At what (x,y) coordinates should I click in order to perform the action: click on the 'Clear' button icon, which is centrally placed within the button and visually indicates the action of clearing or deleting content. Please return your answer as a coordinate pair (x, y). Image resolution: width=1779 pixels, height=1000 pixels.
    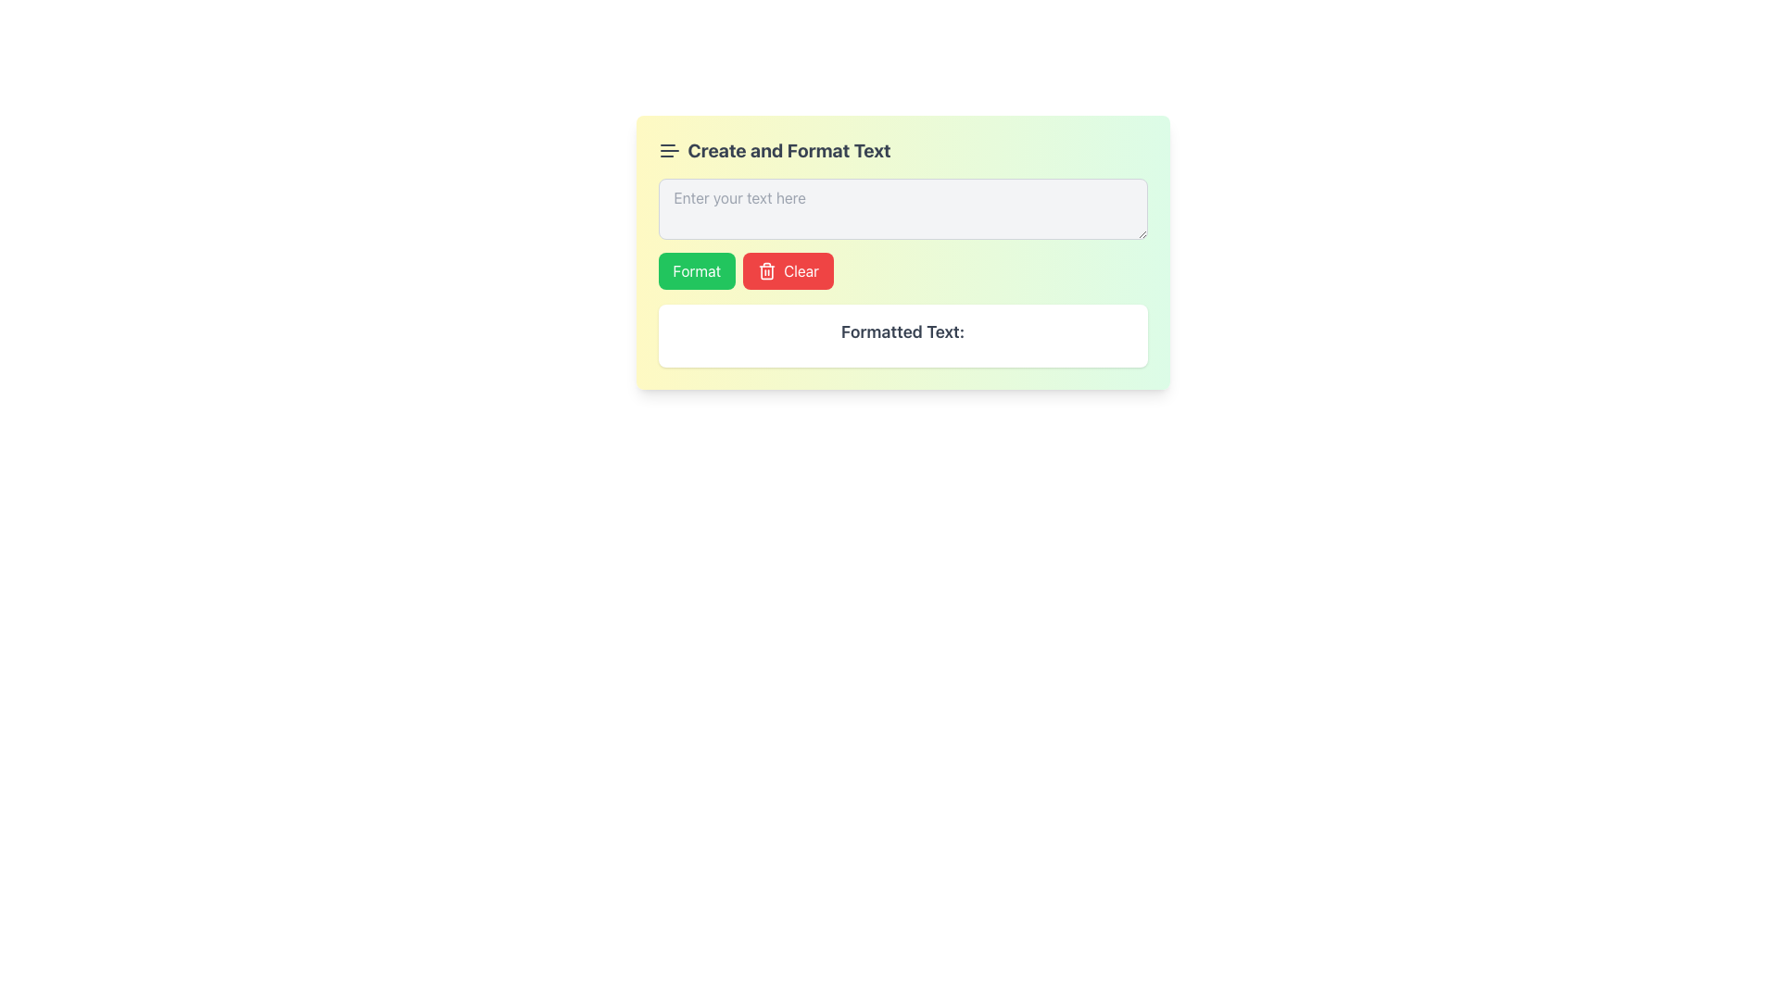
    Looking at the image, I should click on (767, 271).